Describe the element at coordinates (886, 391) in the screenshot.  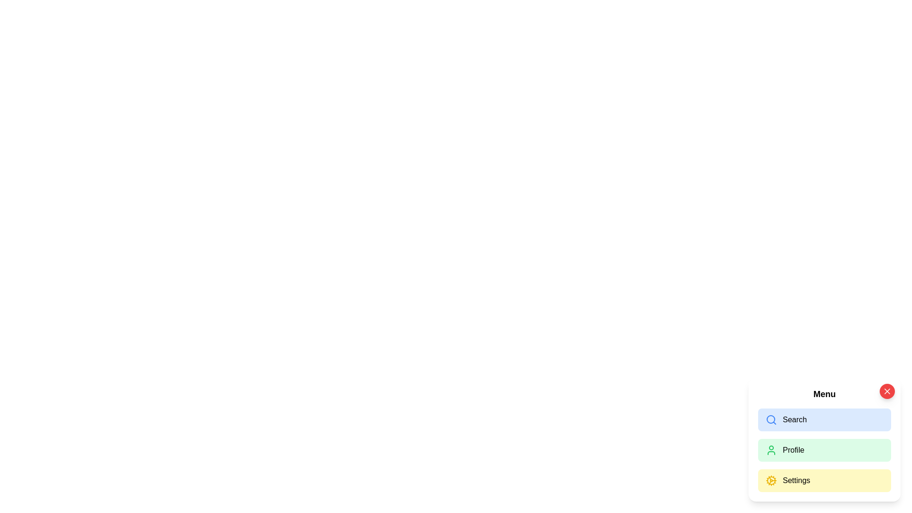
I see `the cross icon inside the red circular button located at the top-right corner of the menu panel` at that location.